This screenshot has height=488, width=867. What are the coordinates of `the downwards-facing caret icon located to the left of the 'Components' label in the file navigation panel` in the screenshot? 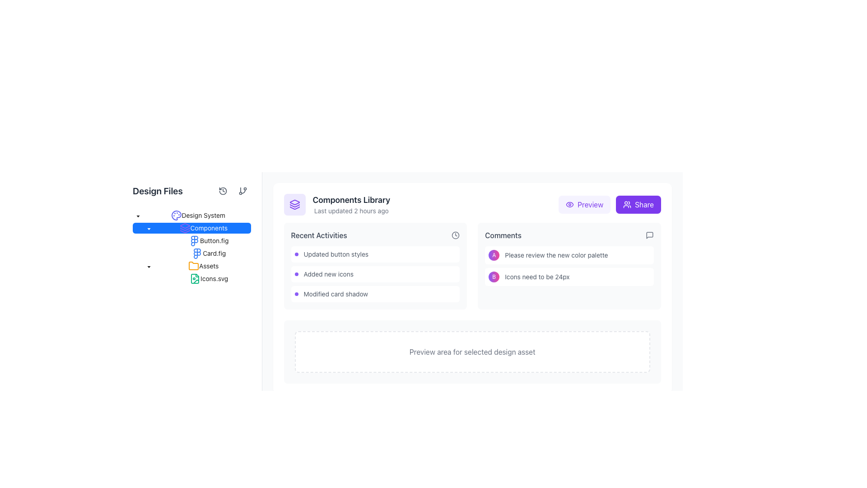 It's located at (149, 266).